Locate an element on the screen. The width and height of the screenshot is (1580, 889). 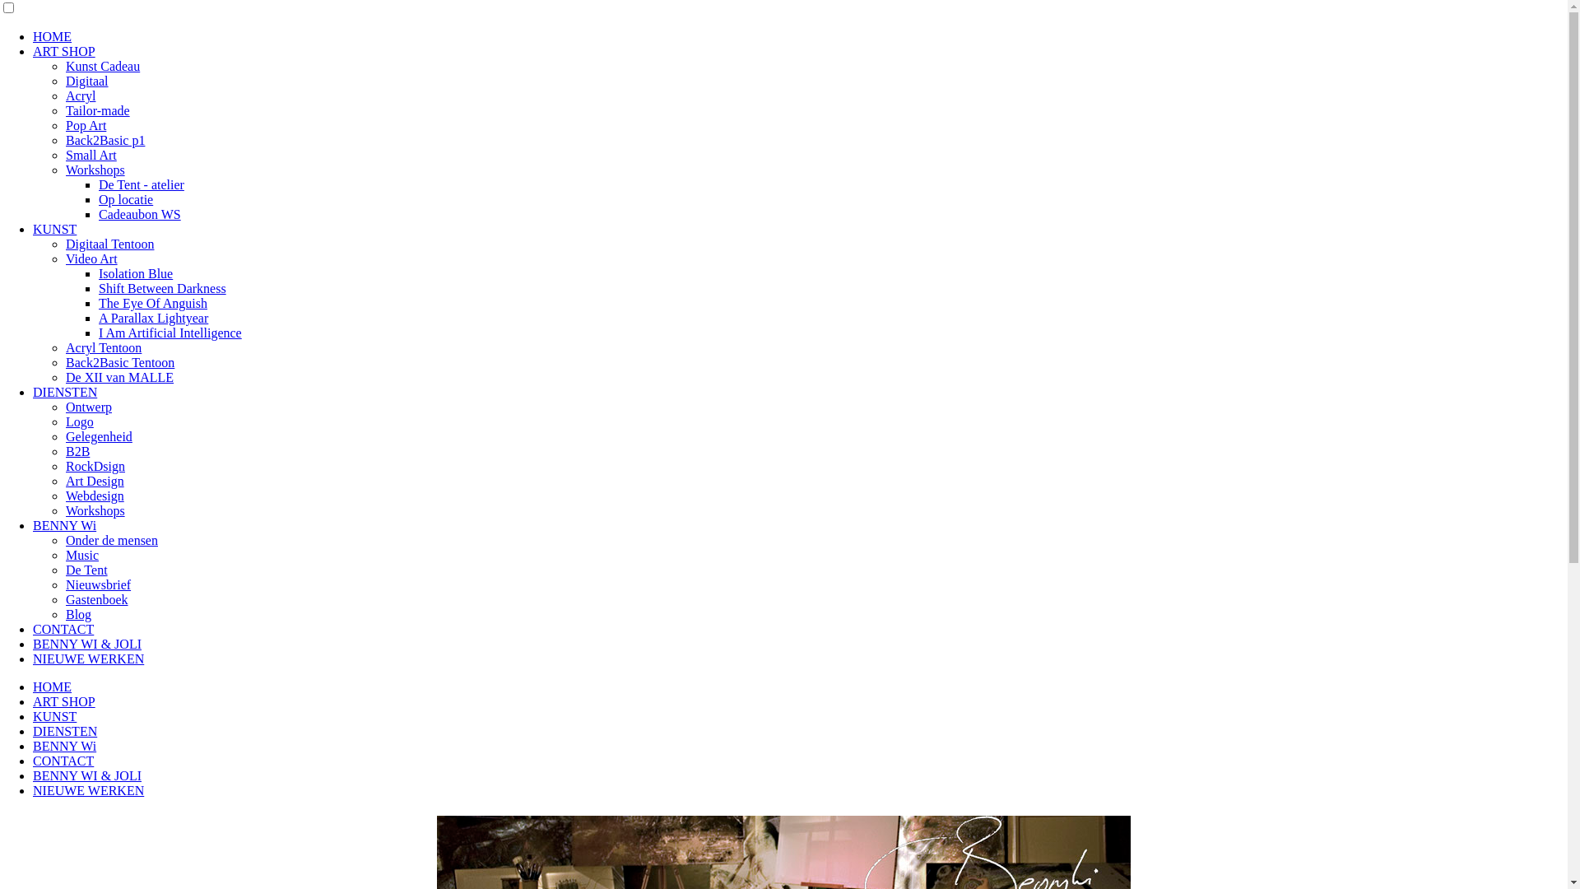
'RockDsign' is located at coordinates (94, 466).